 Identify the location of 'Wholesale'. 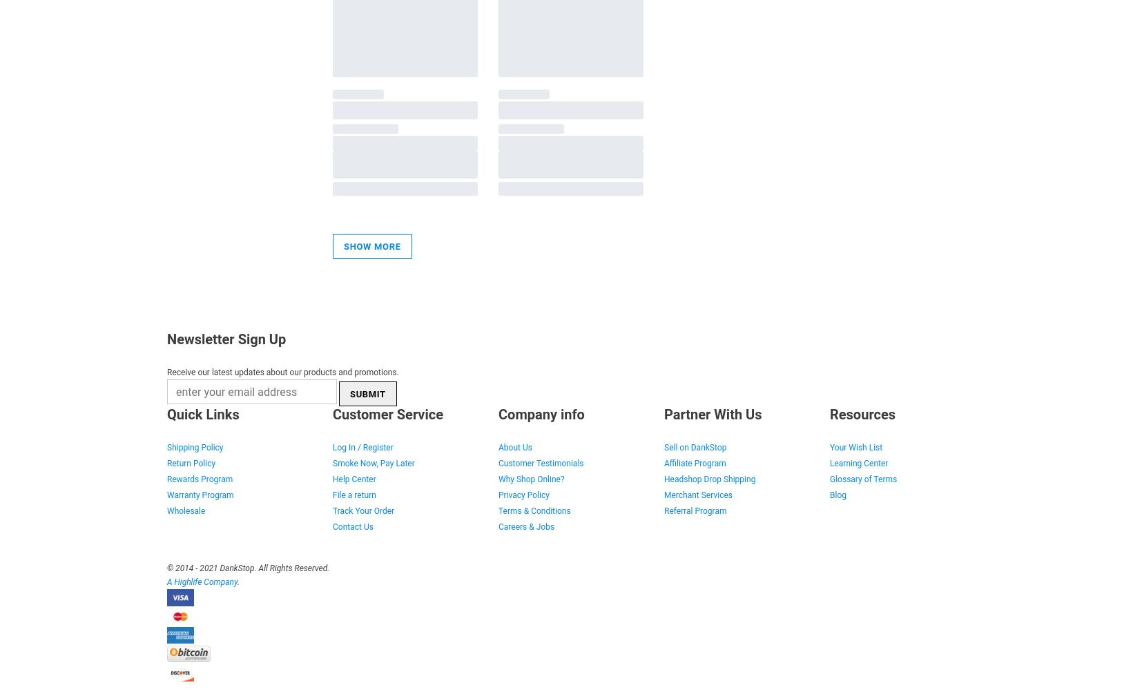
(185, 511).